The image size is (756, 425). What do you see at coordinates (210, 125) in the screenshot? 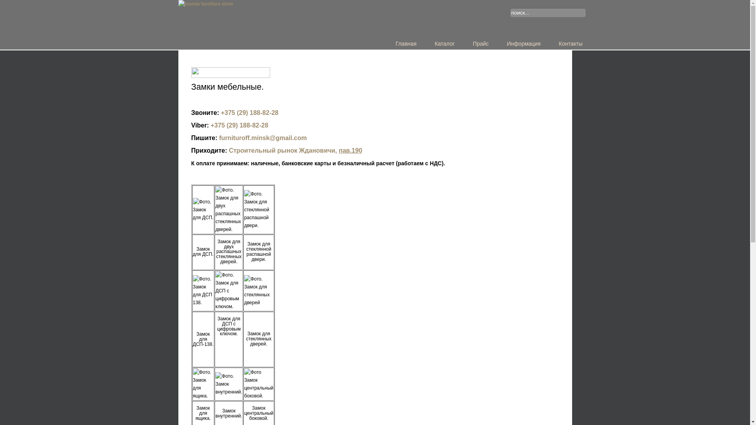
I see `'+375 (29) 188-82-28'` at bounding box center [210, 125].